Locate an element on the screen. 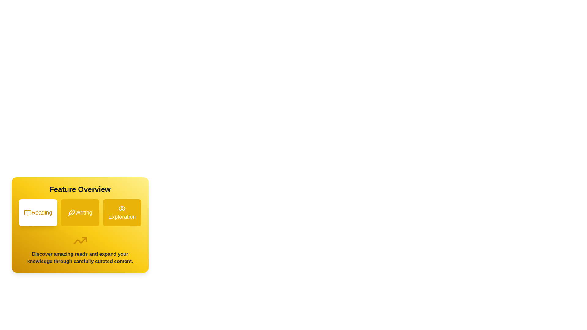 The height and width of the screenshot is (330, 587). the eye icon, which is part of an SVG graphic located at the bottom left section of the interface is located at coordinates (122, 208).